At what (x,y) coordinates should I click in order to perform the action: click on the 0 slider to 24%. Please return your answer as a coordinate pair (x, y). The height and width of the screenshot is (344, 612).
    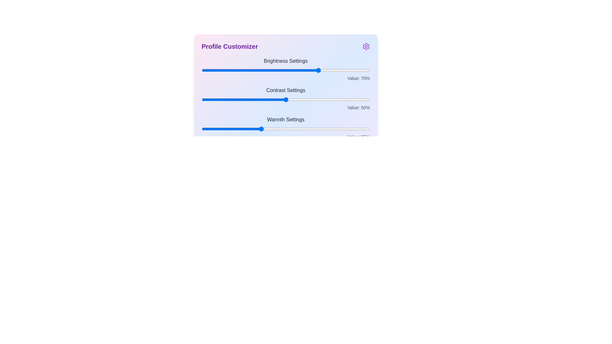
    Looking at the image, I should click on (242, 70).